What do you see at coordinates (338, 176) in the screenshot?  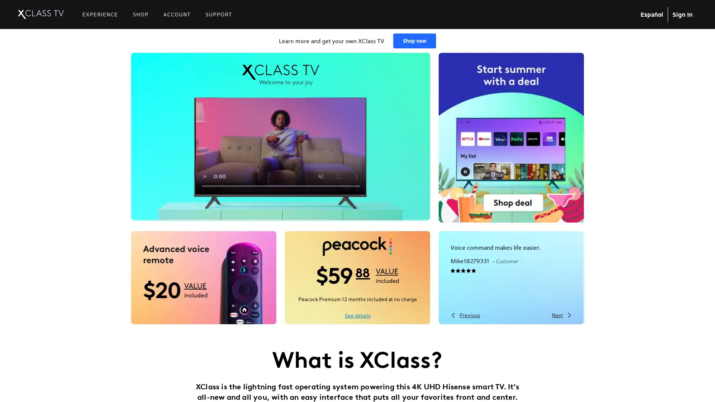 I see `enter full screen` at bounding box center [338, 176].